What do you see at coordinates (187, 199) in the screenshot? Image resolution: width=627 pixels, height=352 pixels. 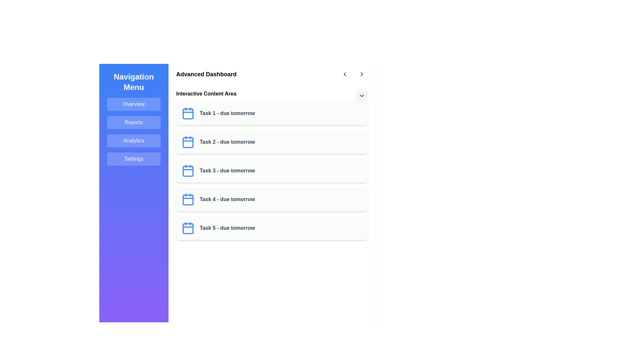 I see `the blue calendar icon with bold outer lines and rounded corners located at the left side of the 'Task 4 - due tomorrow' item in the fourth row of the Advanced Dashboard` at bounding box center [187, 199].